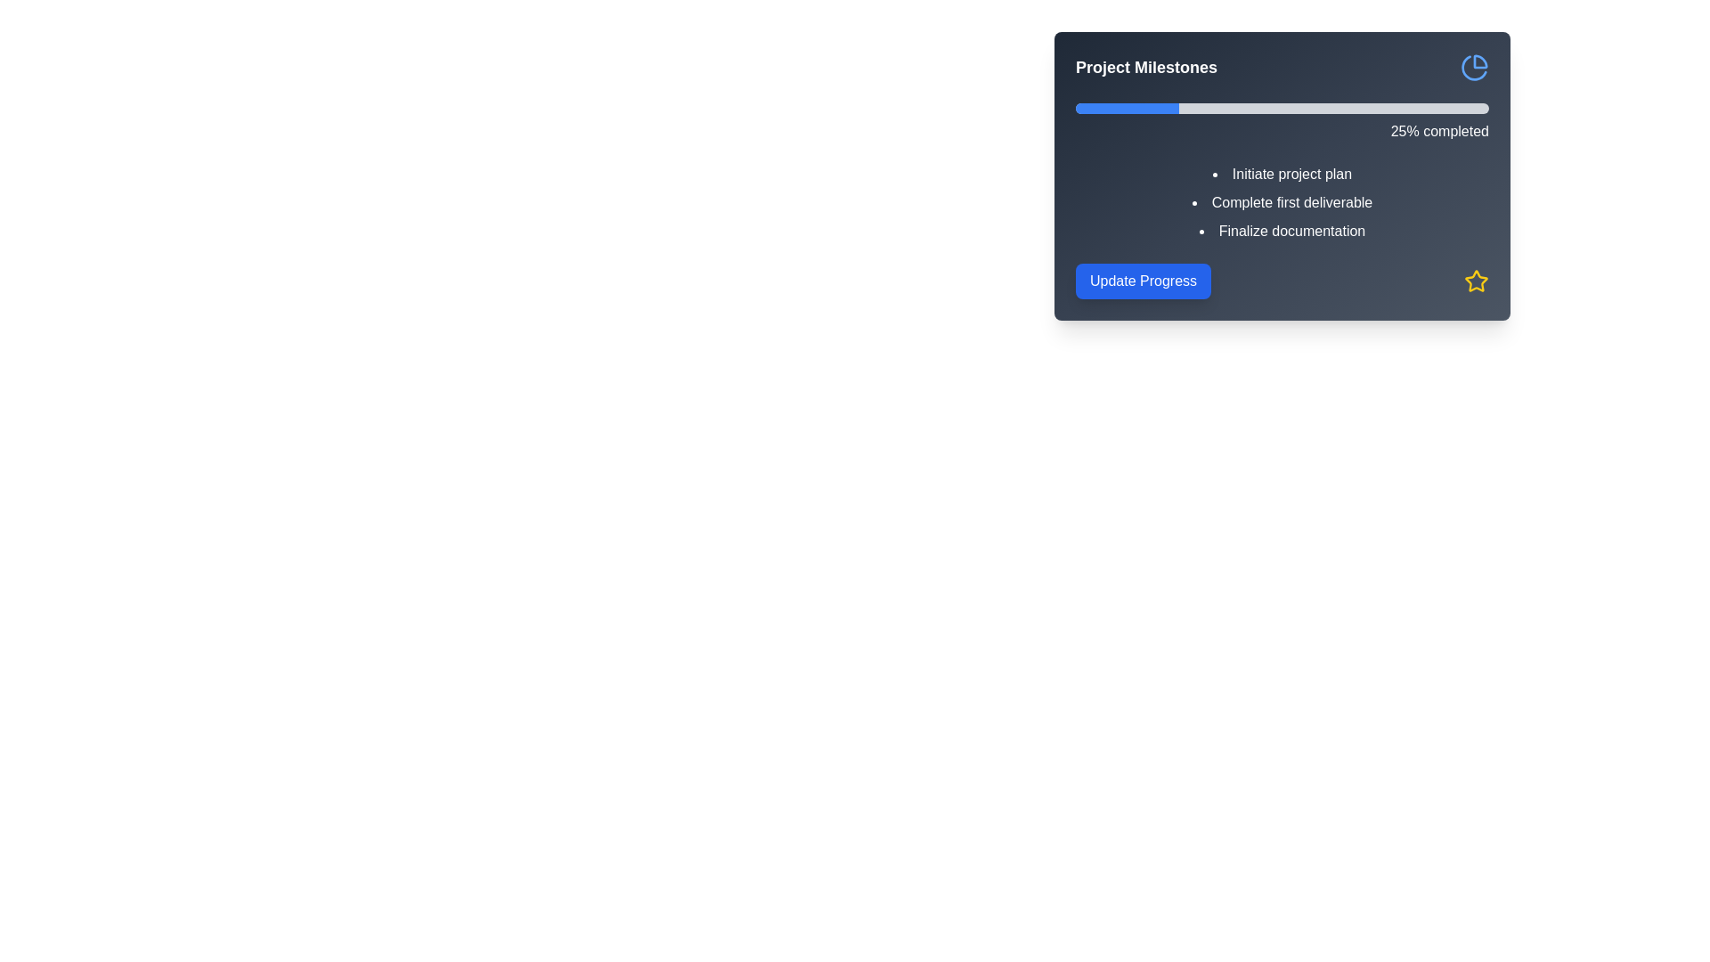 The height and width of the screenshot is (962, 1710). I want to click on descriptive text of the horizontal progress bar located below the title in the 'Project Milestones' card to understand the progress of the project milestone, so click(1282, 122).